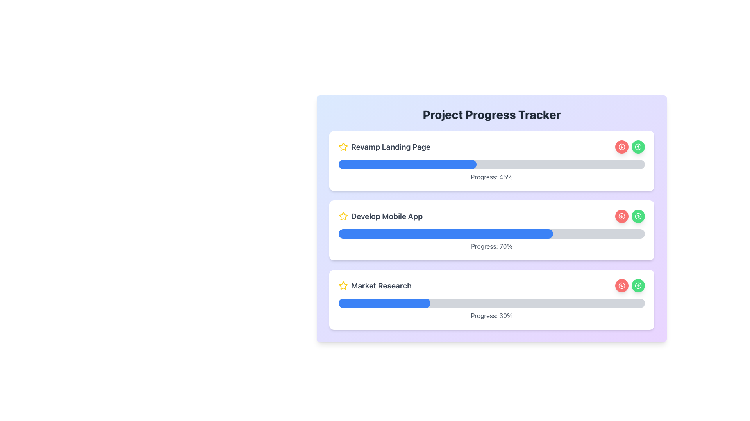 The width and height of the screenshot is (750, 421). What do you see at coordinates (621, 216) in the screenshot?
I see `the SVG Circle representing a downward arrow in the upper-right corner of the 'Develop Mobile App' task card` at bounding box center [621, 216].